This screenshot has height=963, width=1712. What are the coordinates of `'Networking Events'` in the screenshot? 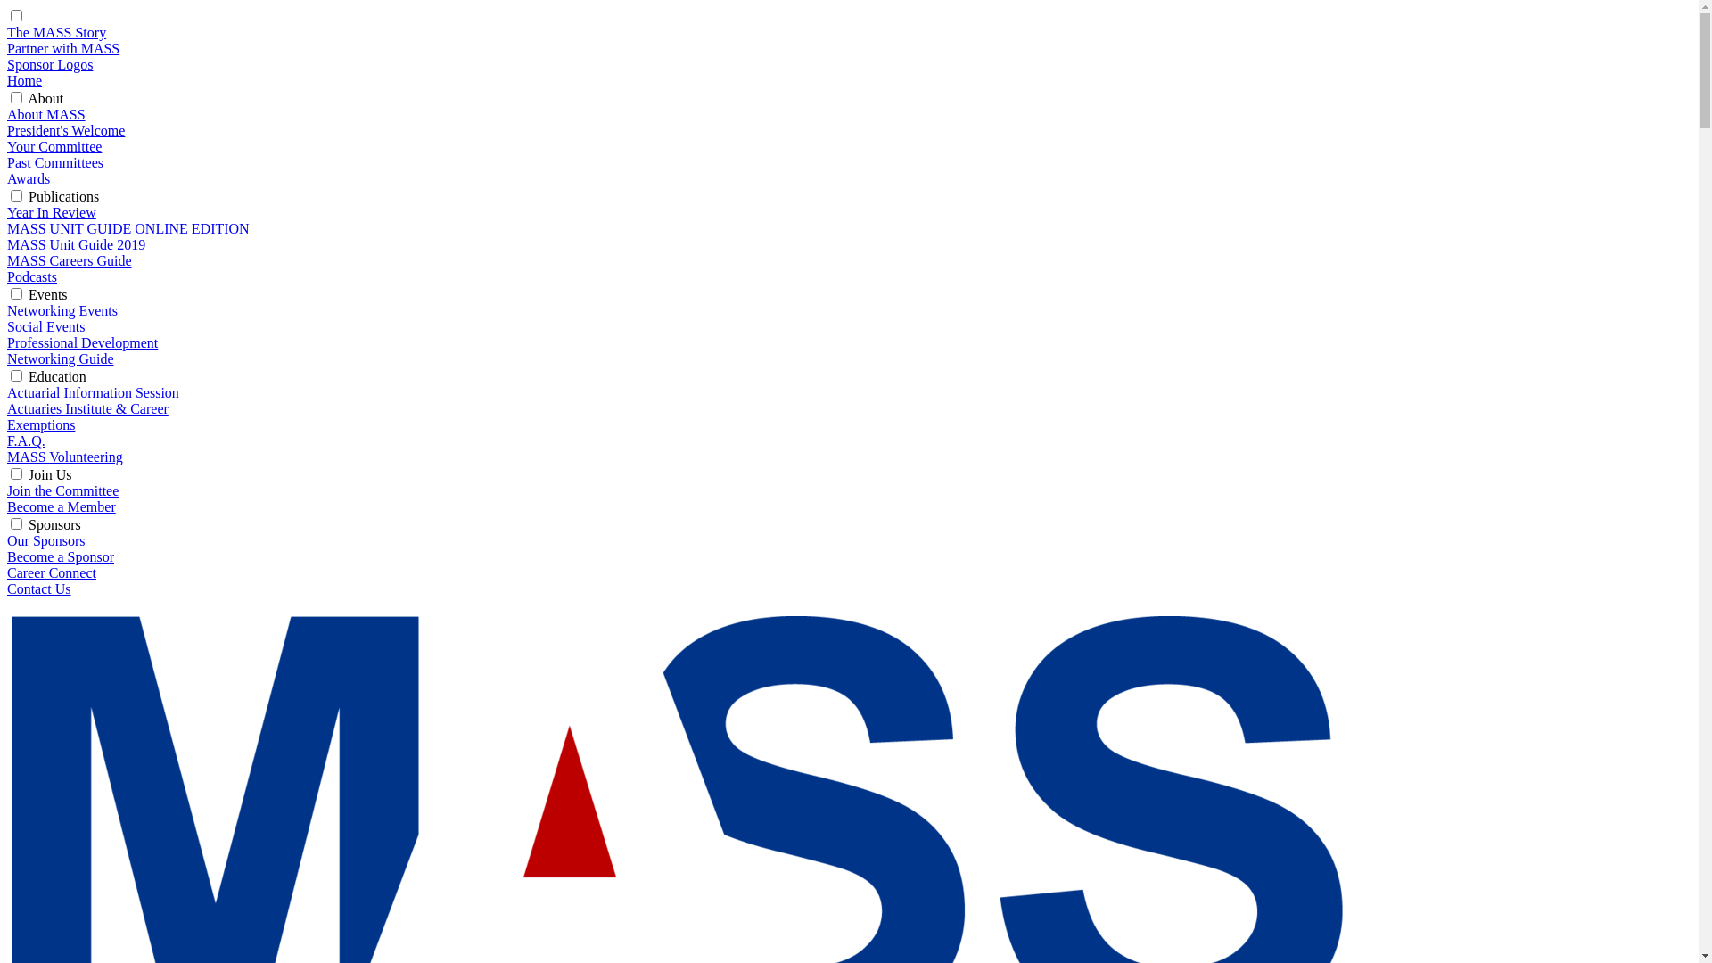 It's located at (62, 309).